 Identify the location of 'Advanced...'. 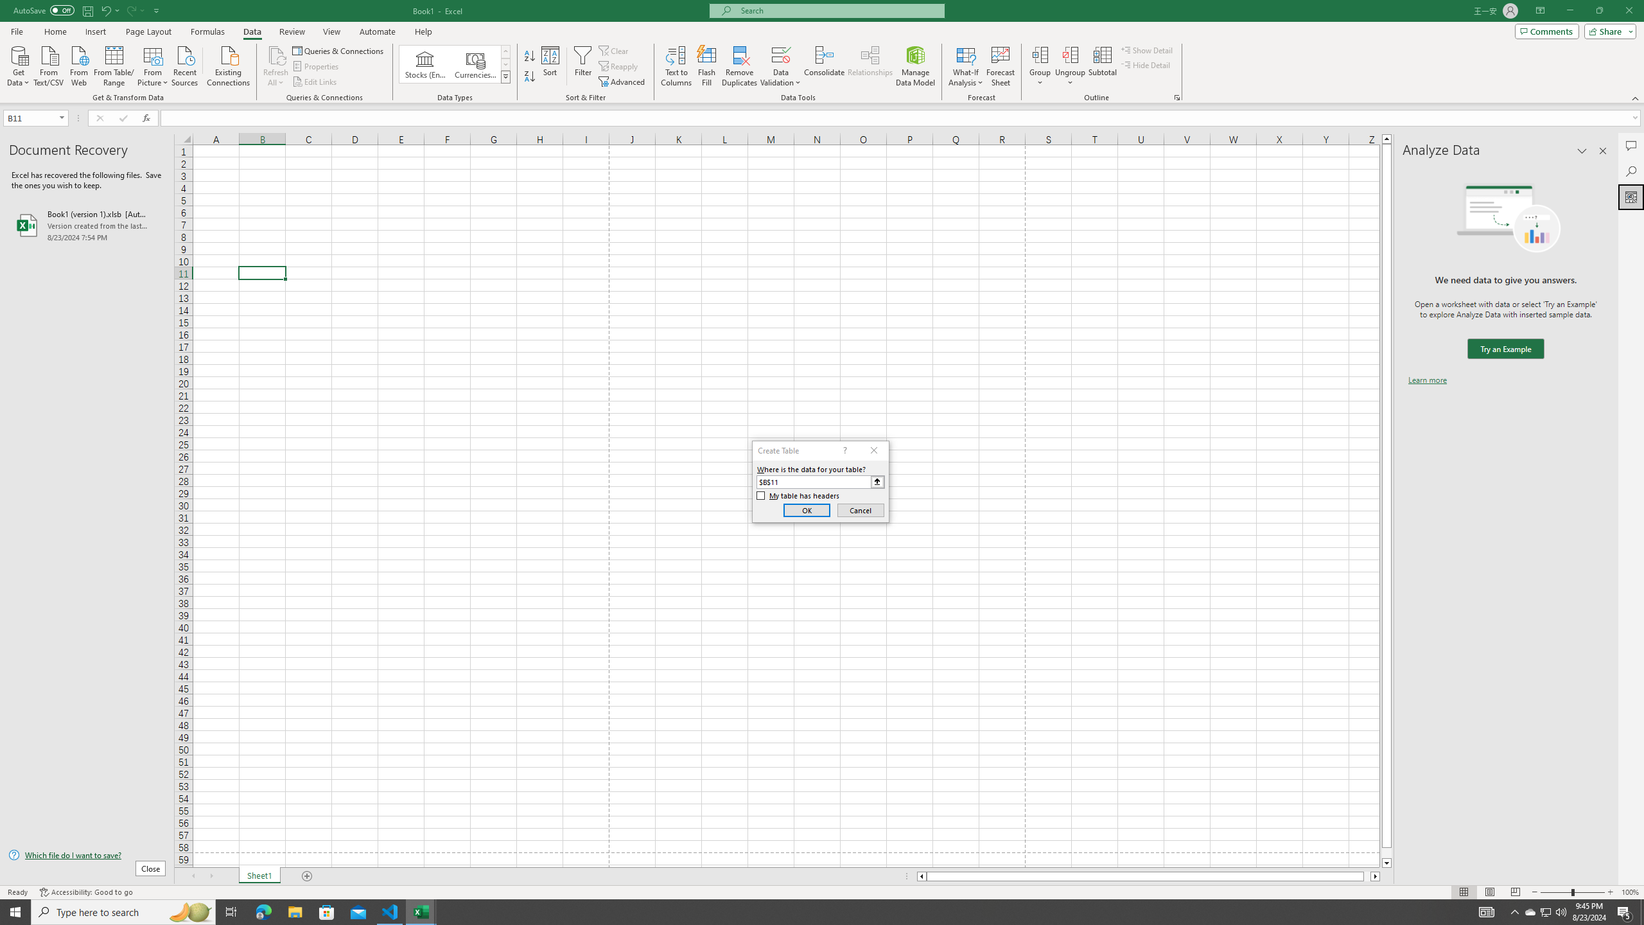
(623, 82).